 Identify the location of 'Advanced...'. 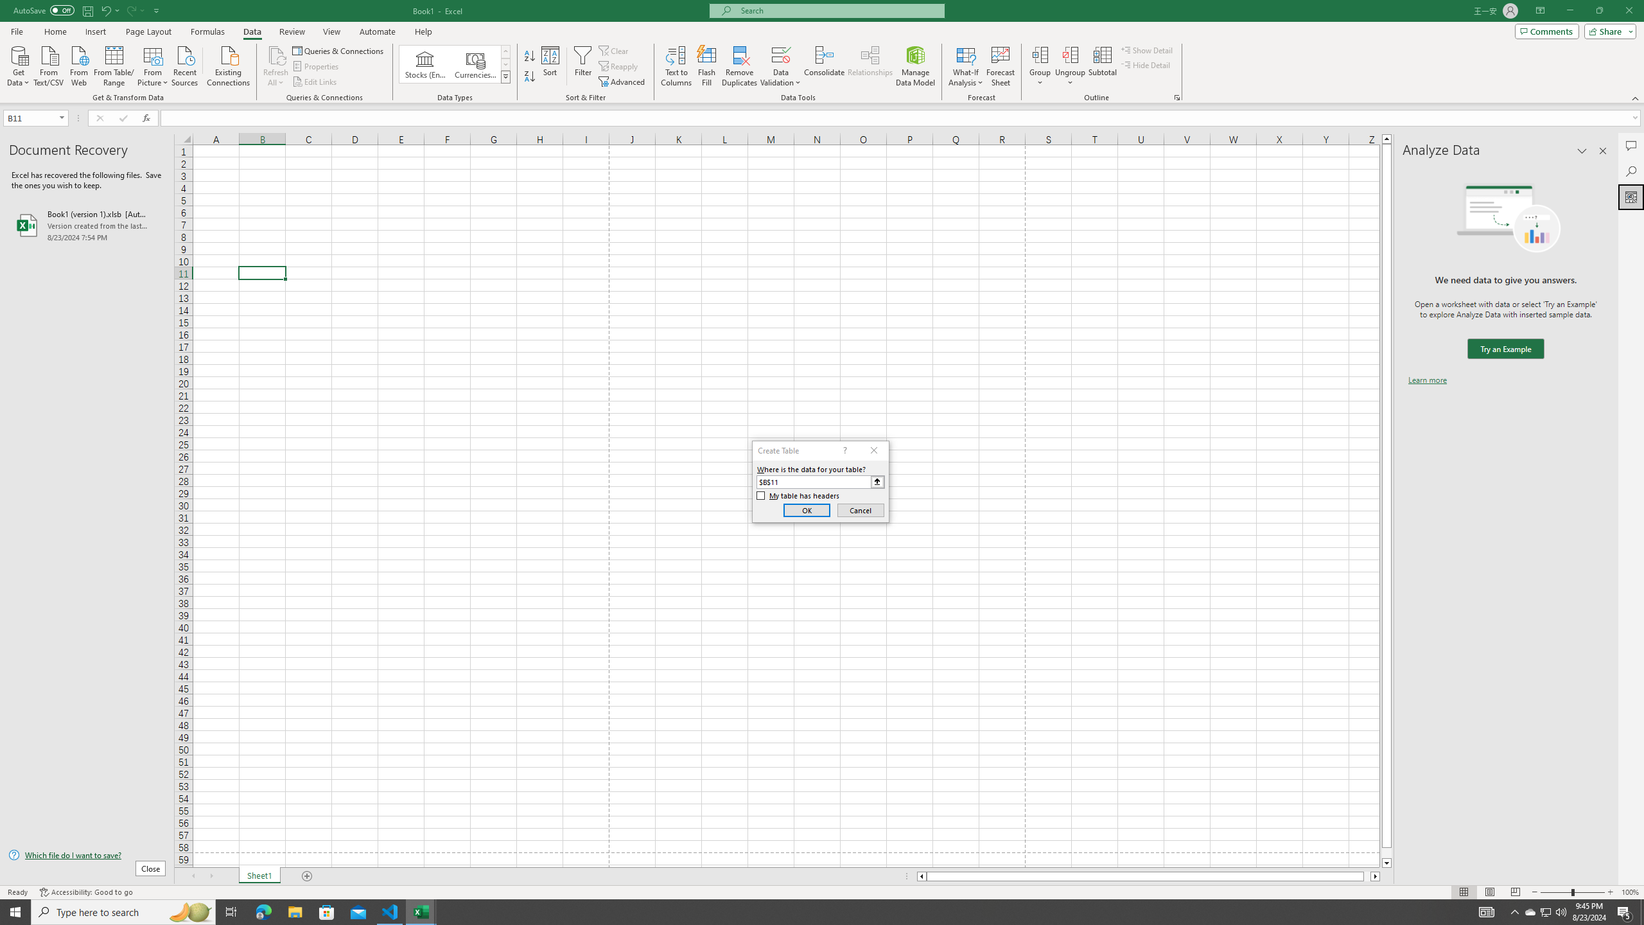
(623, 82).